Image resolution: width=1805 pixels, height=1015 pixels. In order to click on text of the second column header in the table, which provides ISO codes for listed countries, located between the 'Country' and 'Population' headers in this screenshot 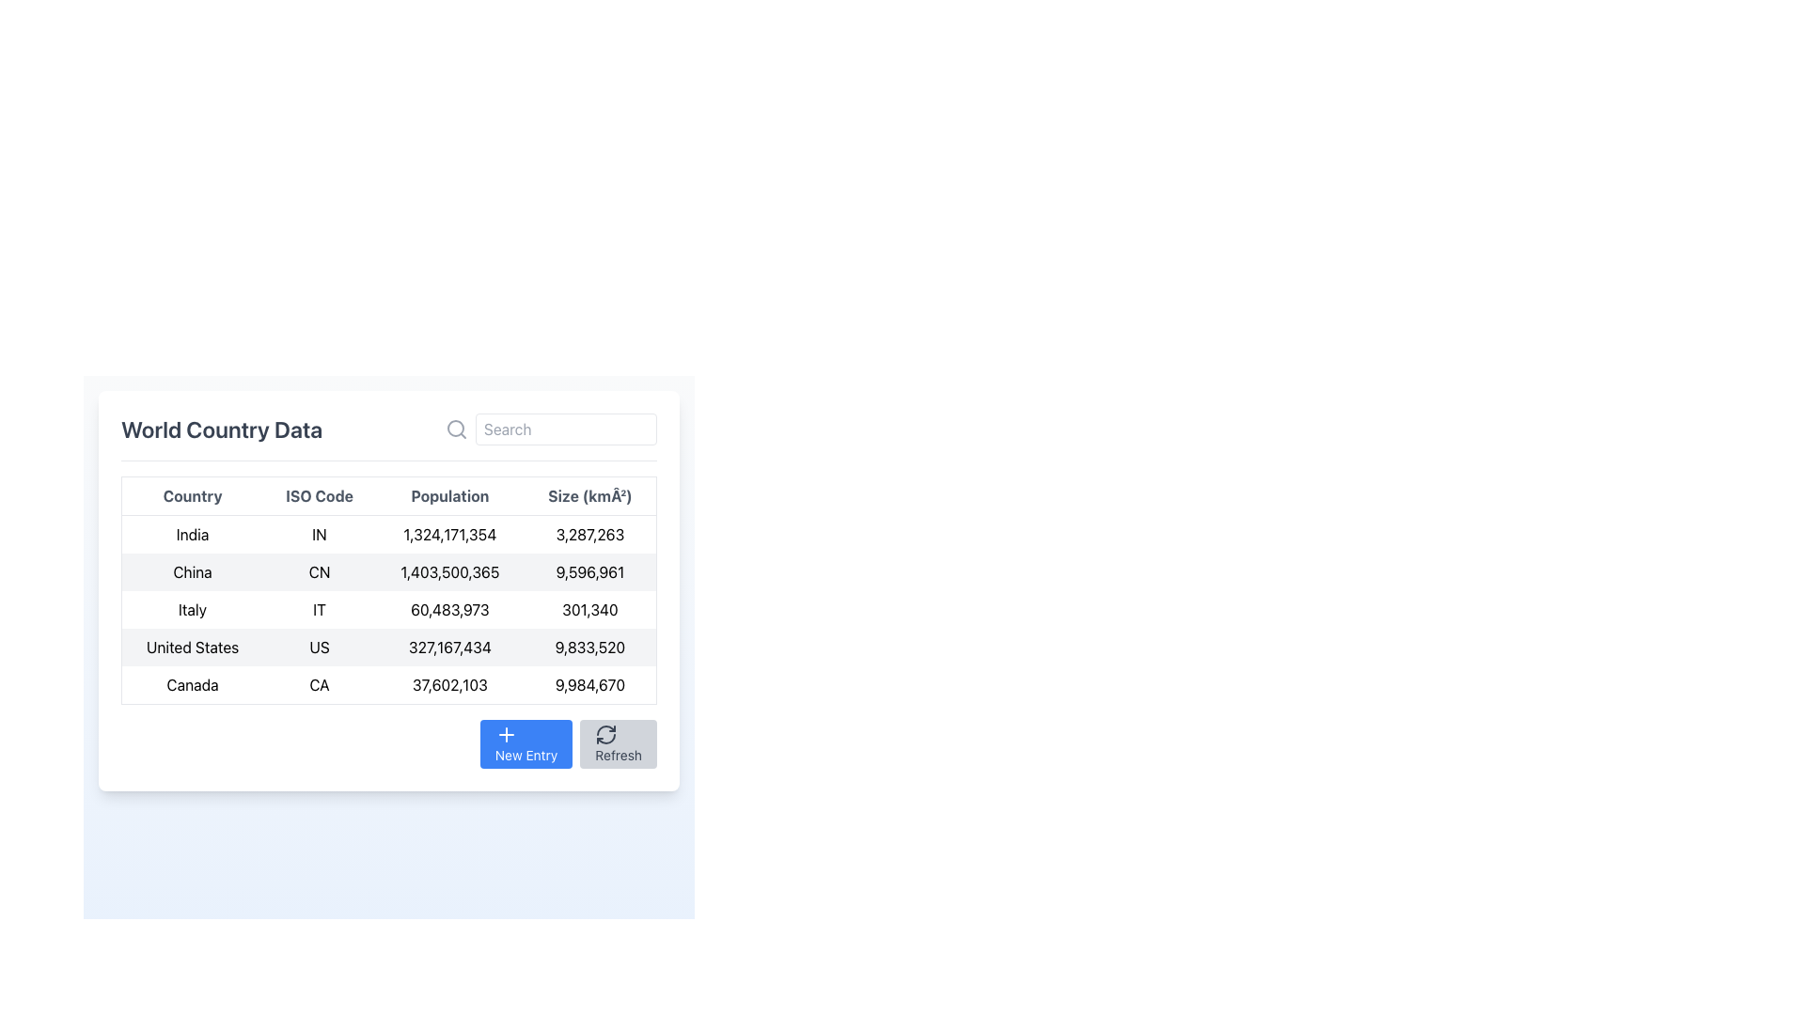, I will do `click(320, 495)`.